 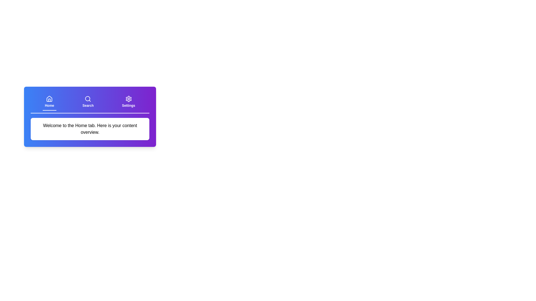 I want to click on the tab labeled Search to switch to the respective tab, so click(x=88, y=102).